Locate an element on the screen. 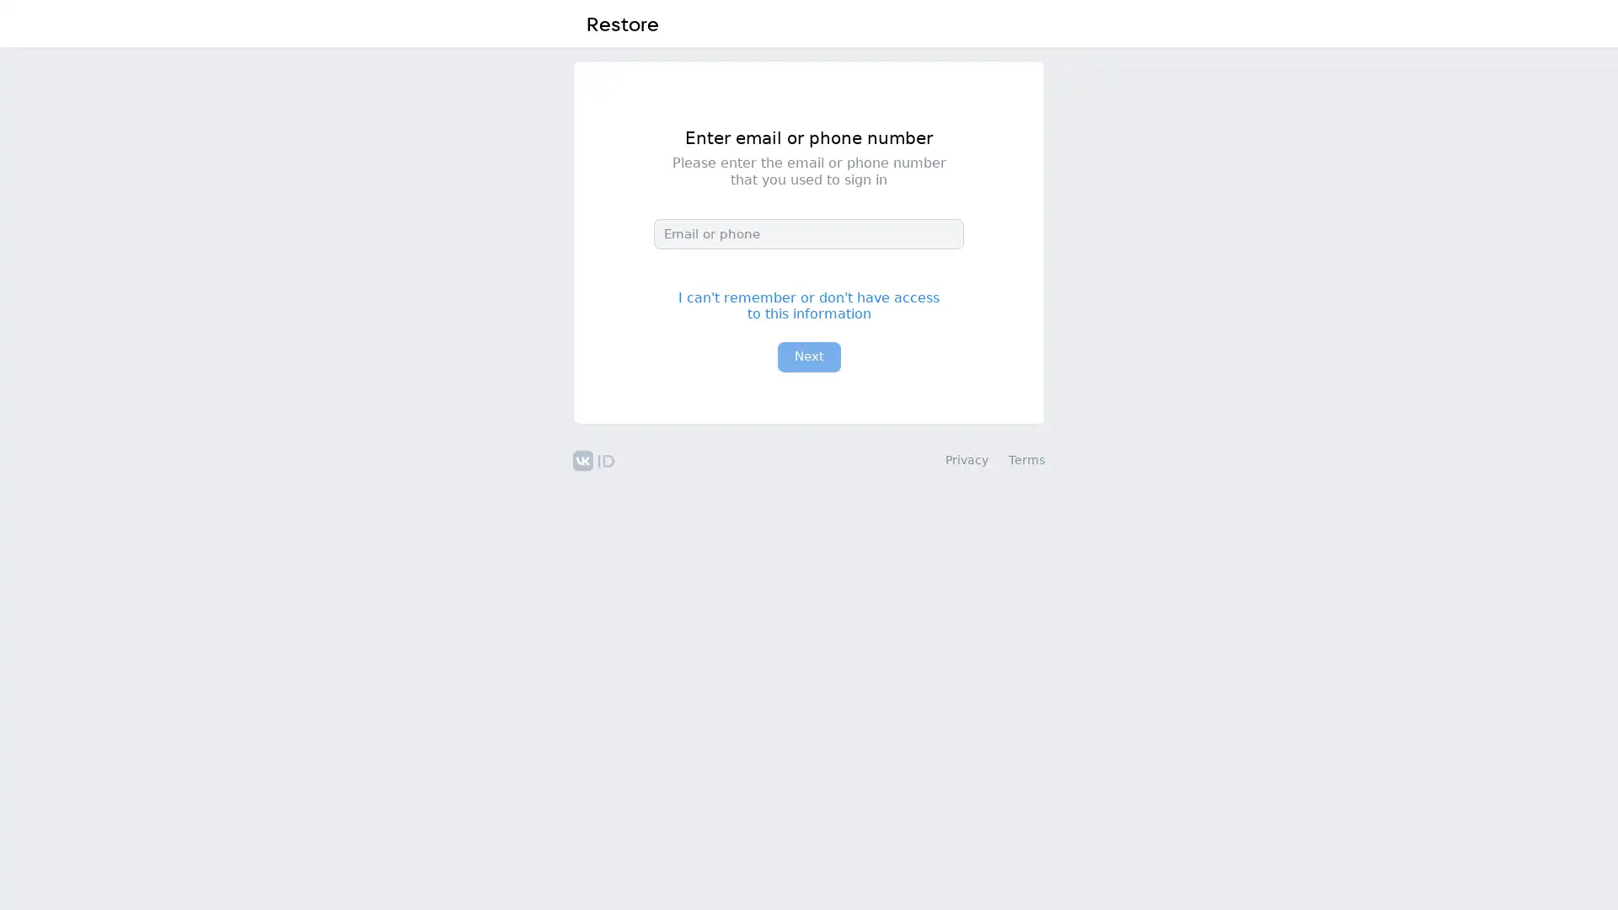 The height and width of the screenshot is (910, 1618). Next is located at coordinates (807, 356).